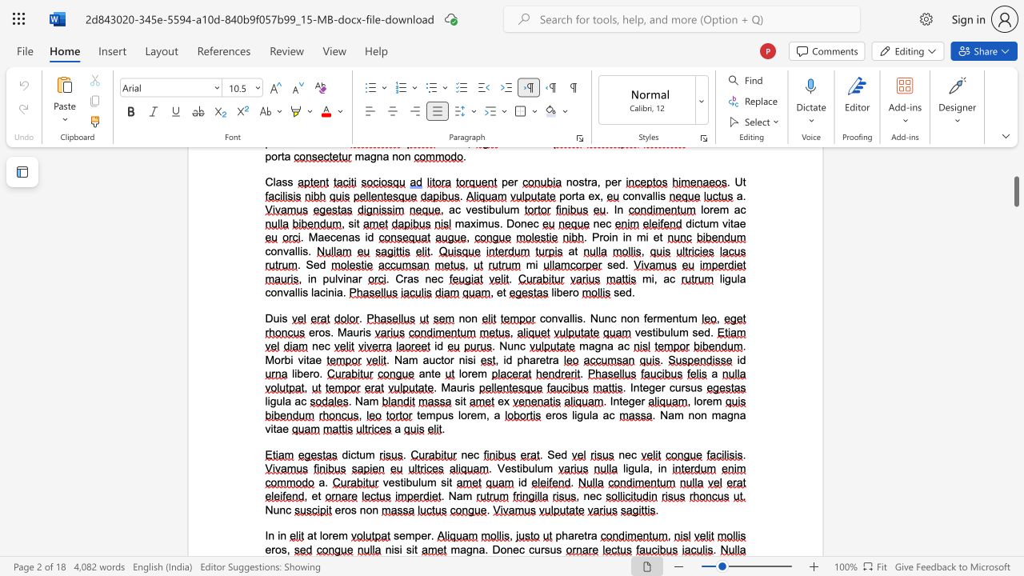 The height and width of the screenshot is (576, 1024). What do you see at coordinates (401, 549) in the screenshot?
I see `the 2th character "i" in the text` at bounding box center [401, 549].